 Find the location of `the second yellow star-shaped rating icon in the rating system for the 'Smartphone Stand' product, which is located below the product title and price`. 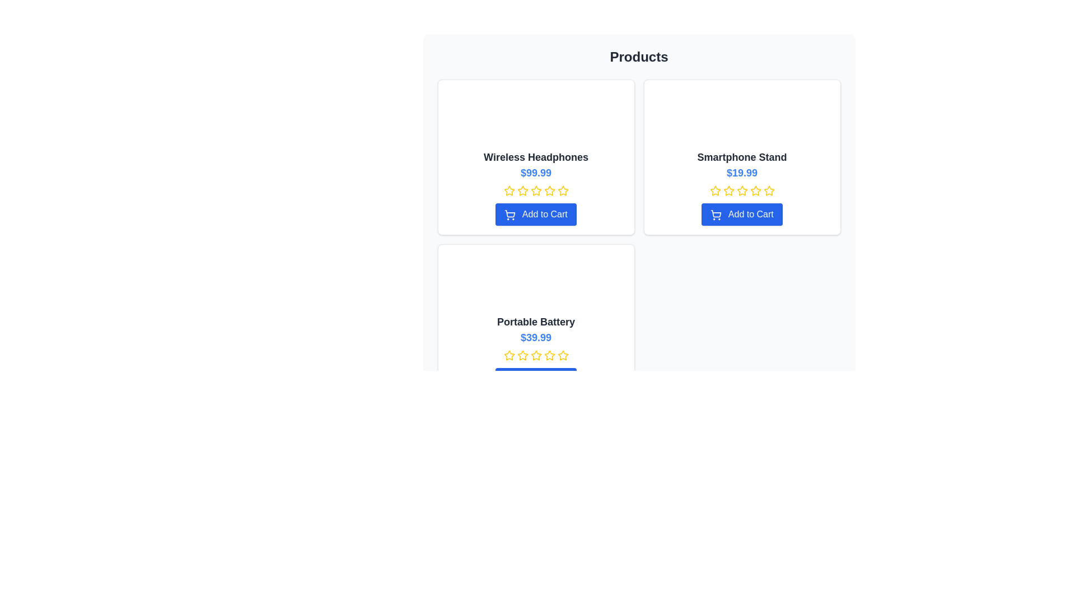

the second yellow star-shaped rating icon in the rating system for the 'Smartphone Stand' product, which is located below the product title and price is located at coordinates (742, 190).